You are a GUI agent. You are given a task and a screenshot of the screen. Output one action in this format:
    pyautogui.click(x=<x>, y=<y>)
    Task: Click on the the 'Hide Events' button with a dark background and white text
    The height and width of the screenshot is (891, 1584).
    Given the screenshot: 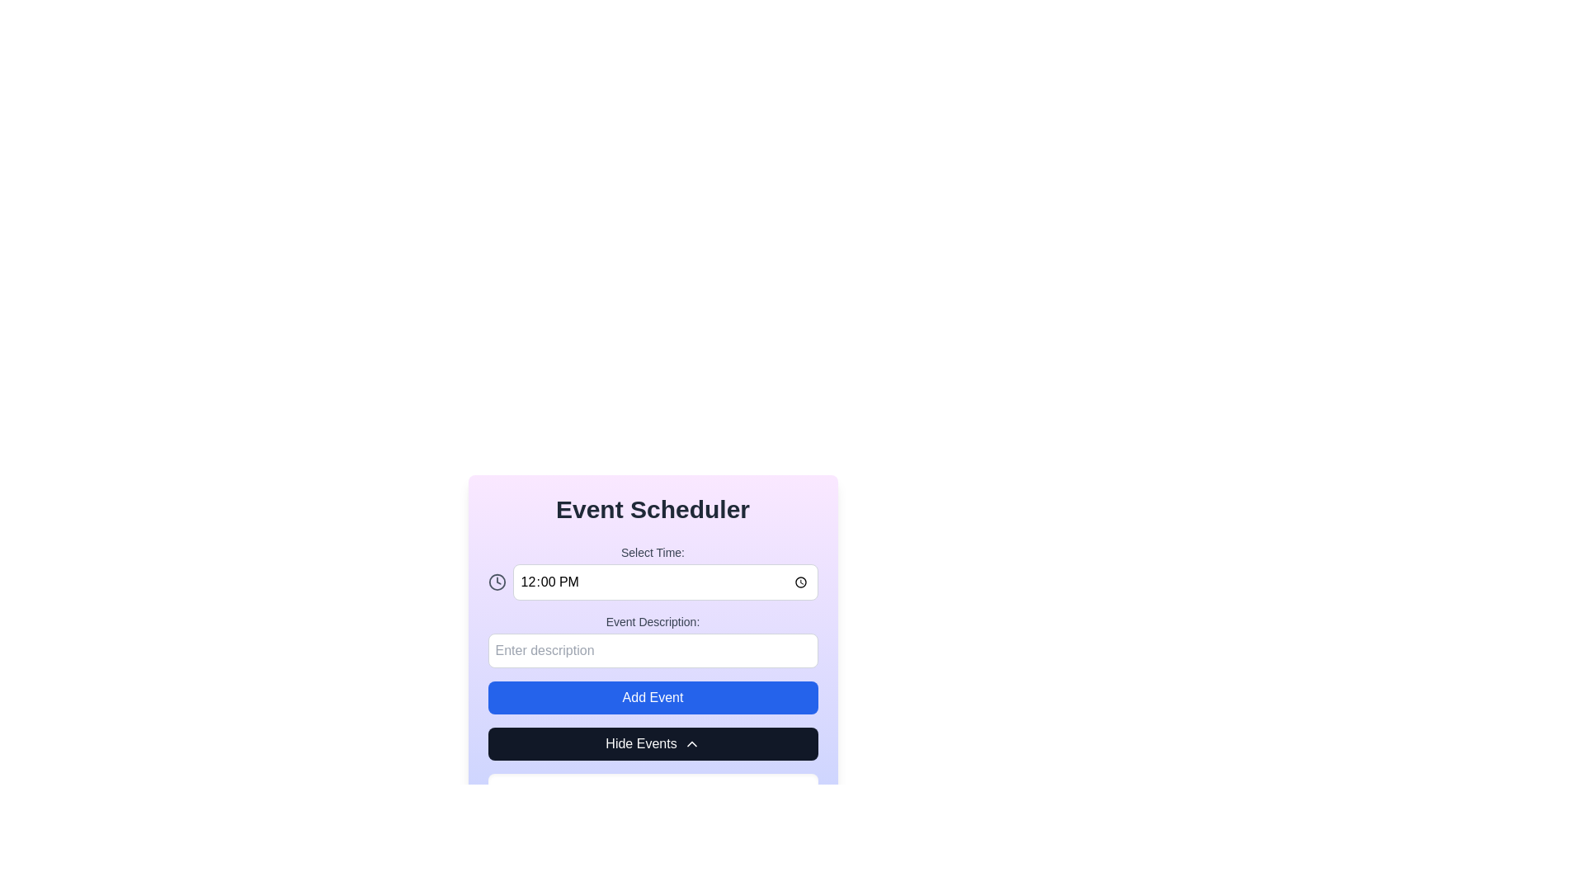 What is the action you would take?
    pyautogui.click(x=652, y=744)
    